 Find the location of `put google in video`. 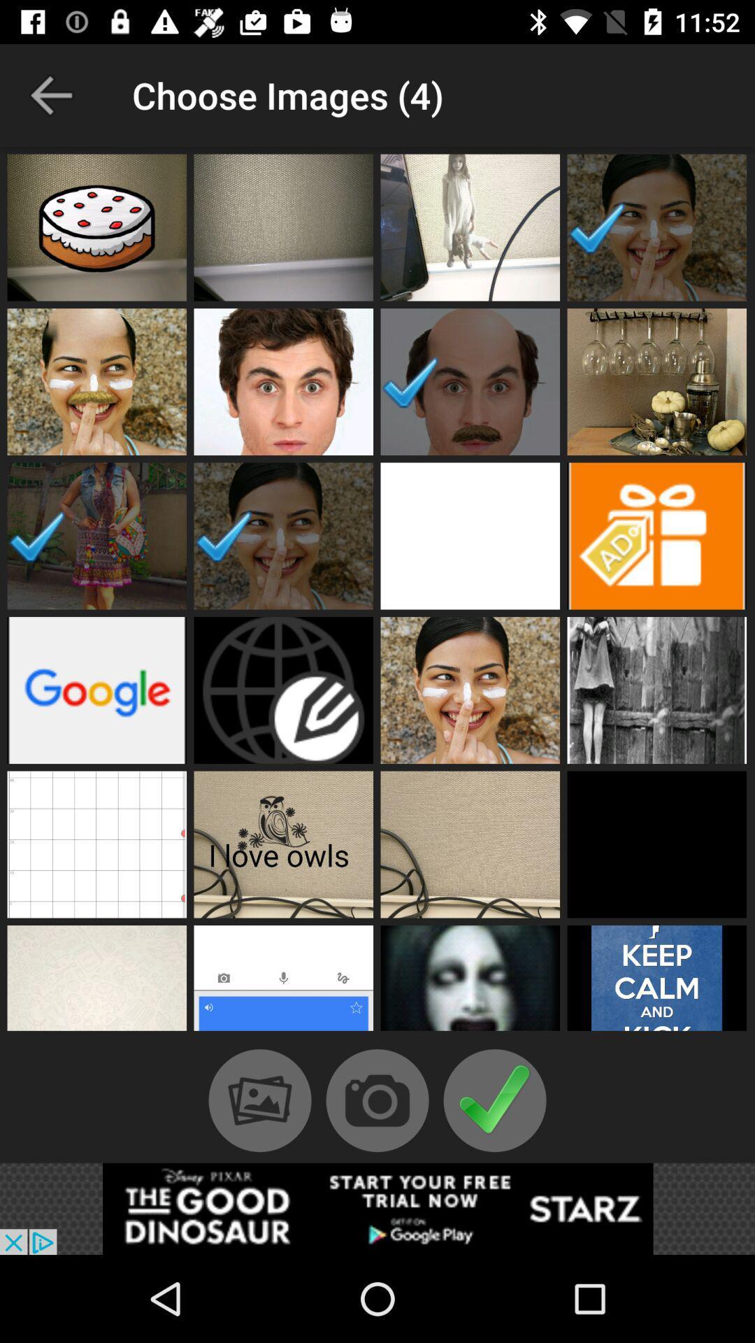

put google in video is located at coordinates (96, 690).